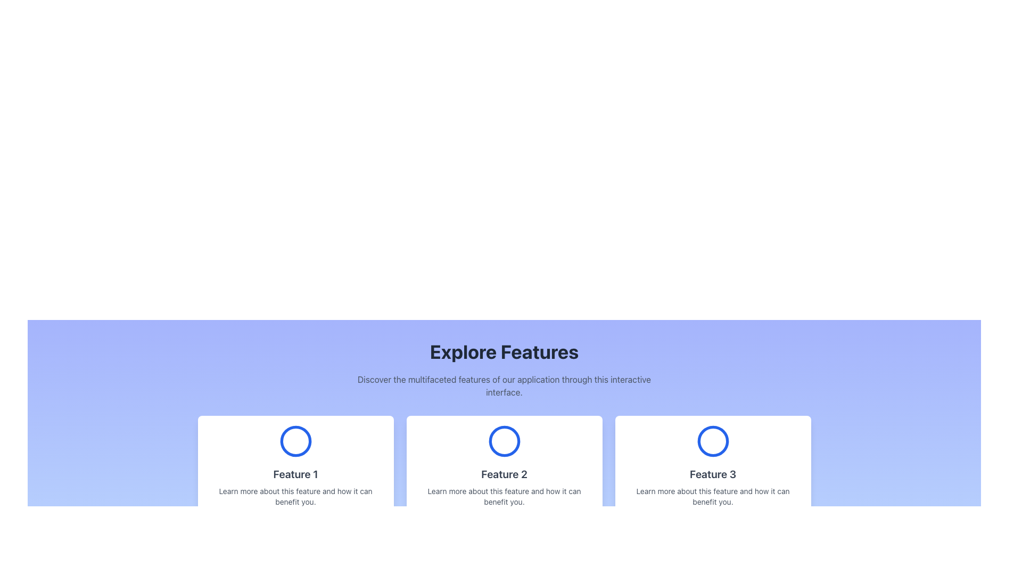 The image size is (1022, 575). What do you see at coordinates (295, 474) in the screenshot?
I see `text of the heading 'Feature 1', which is styled with a bold font and is positioned centrally below an icon in the first card of three in a horizontal layout` at bounding box center [295, 474].